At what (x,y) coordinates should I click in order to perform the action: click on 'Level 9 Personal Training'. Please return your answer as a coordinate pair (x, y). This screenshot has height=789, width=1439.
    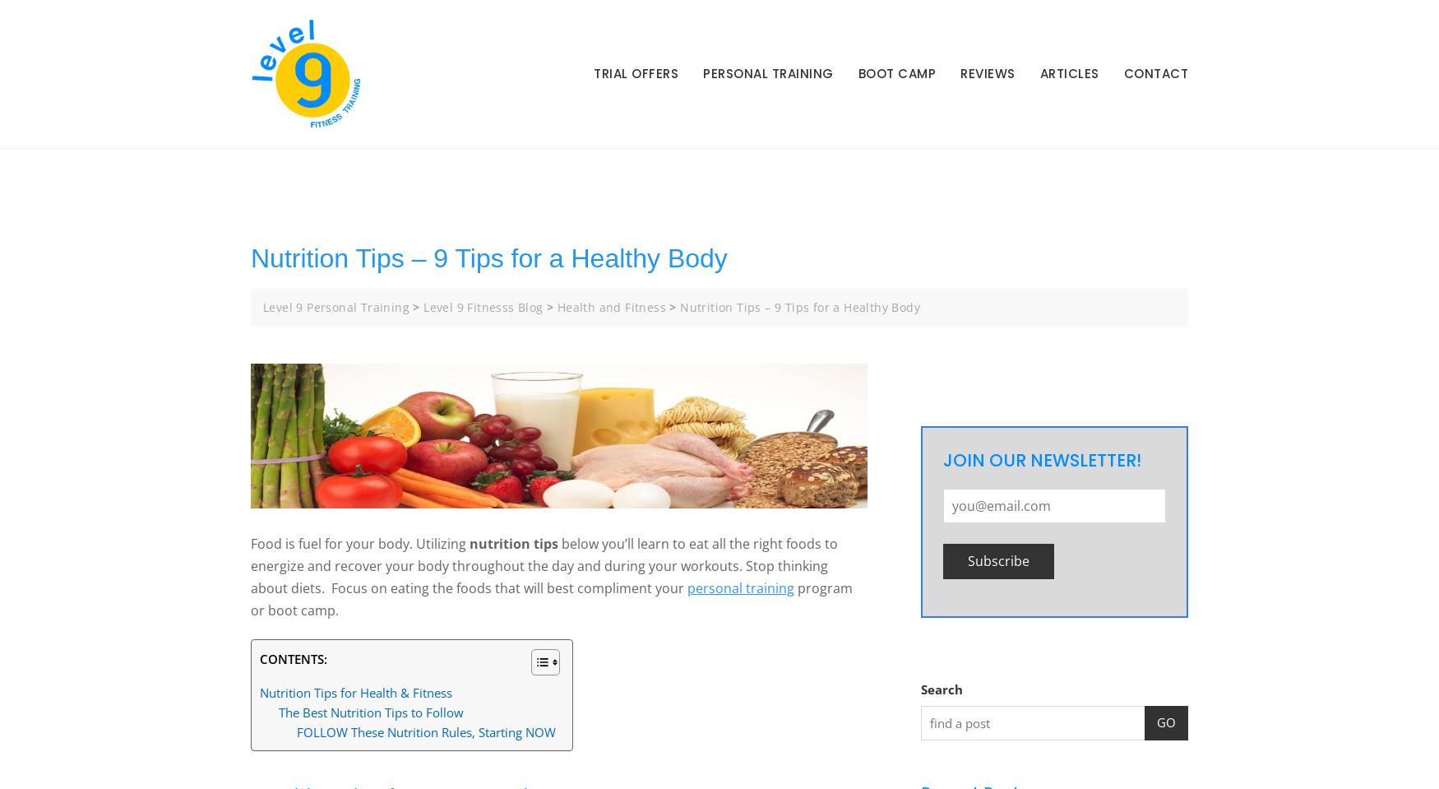
    Looking at the image, I should click on (335, 306).